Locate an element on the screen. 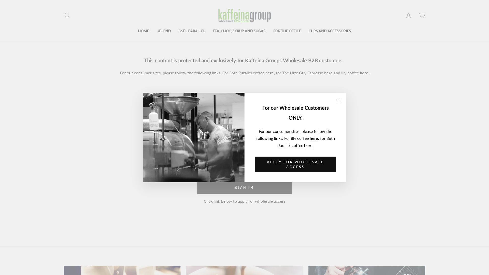 This screenshot has height=275, width=489. '"Close (esc)"' is located at coordinates (339, 100).